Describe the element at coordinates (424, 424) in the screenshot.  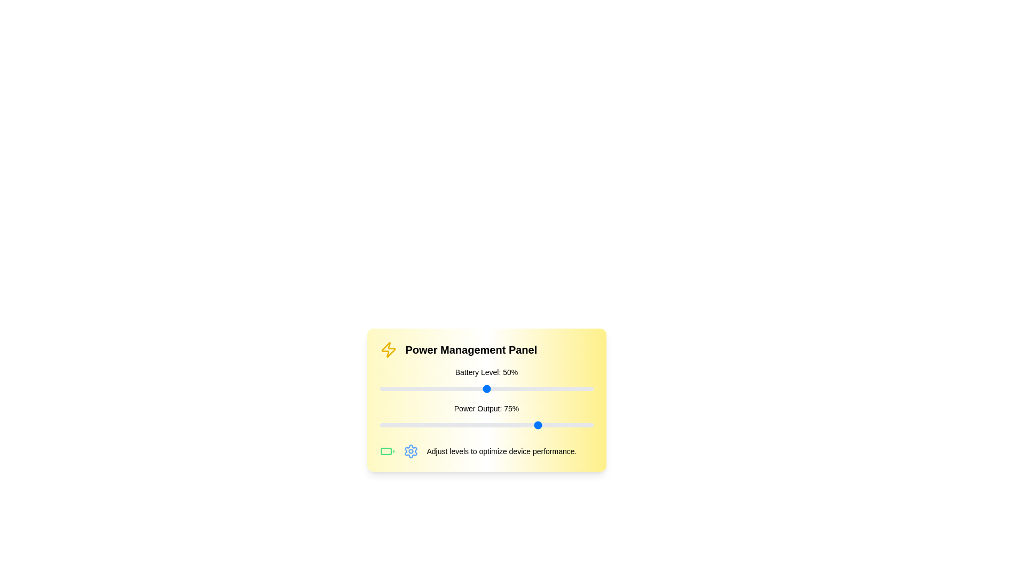
I see `the 'Power Output' slider to 21%` at that location.